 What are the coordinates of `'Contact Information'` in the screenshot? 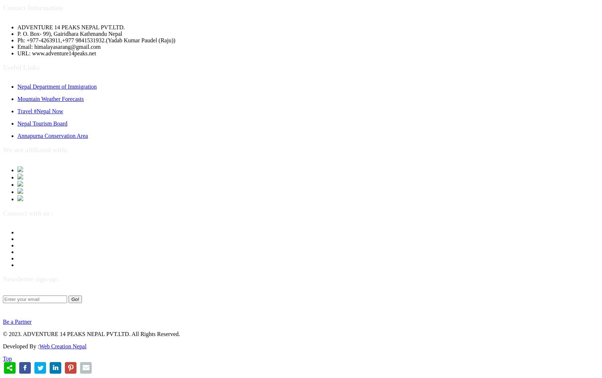 It's located at (2, 7).